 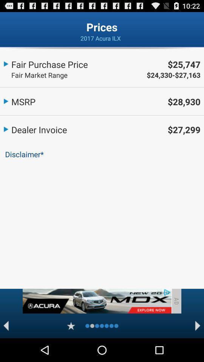 I want to click on previous, so click(x=6, y=325).